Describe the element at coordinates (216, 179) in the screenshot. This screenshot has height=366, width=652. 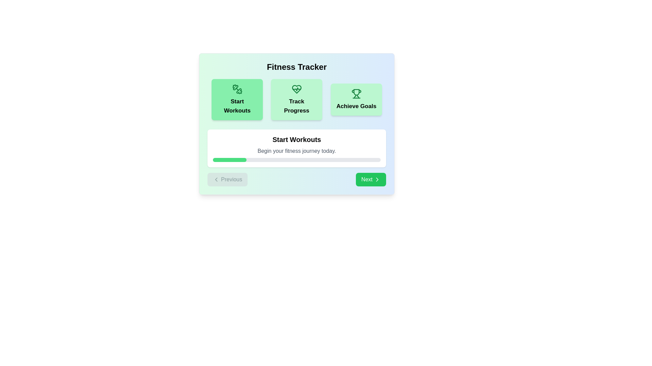
I see `the left-pointing chevron icon inside the circular button` at that location.